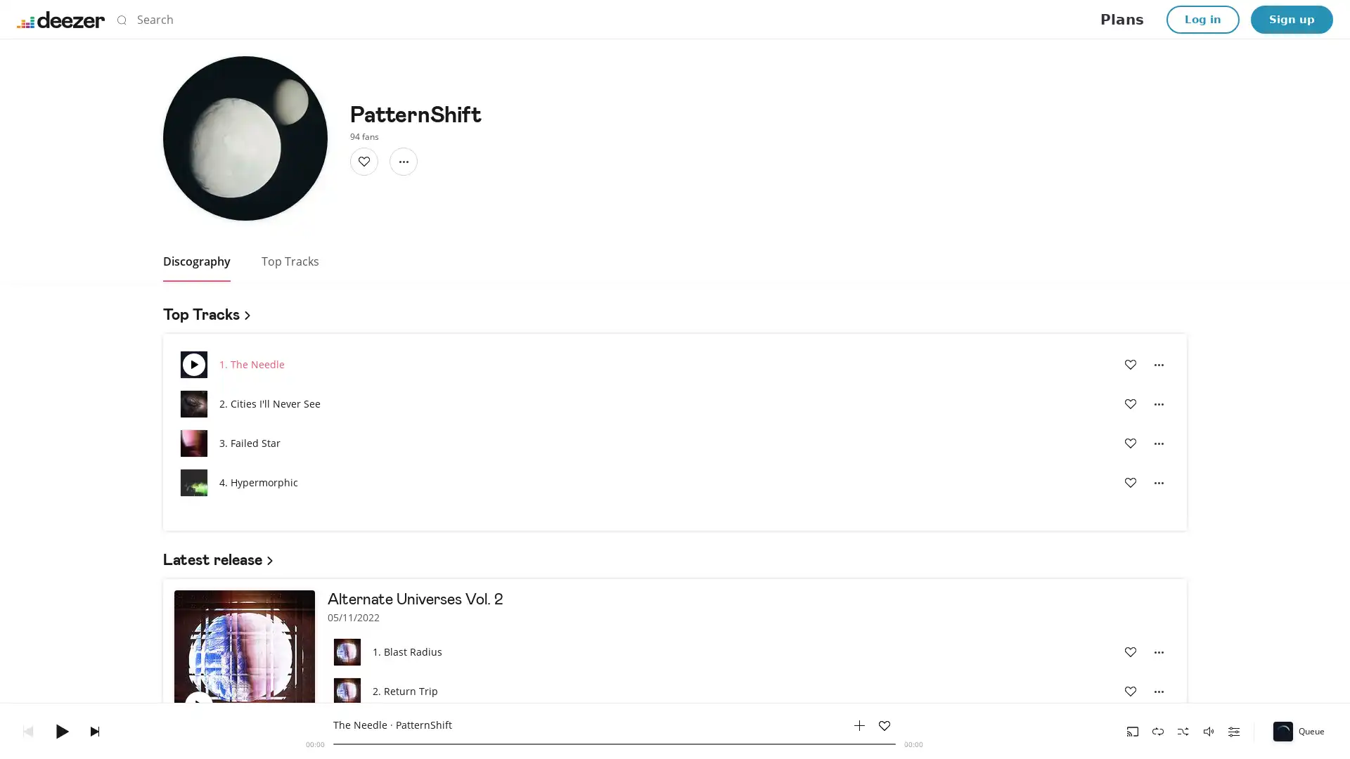 This screenshot has width=1350, height=759. I want to click on Play Astronautics by PatternShift, so click(347, 730).